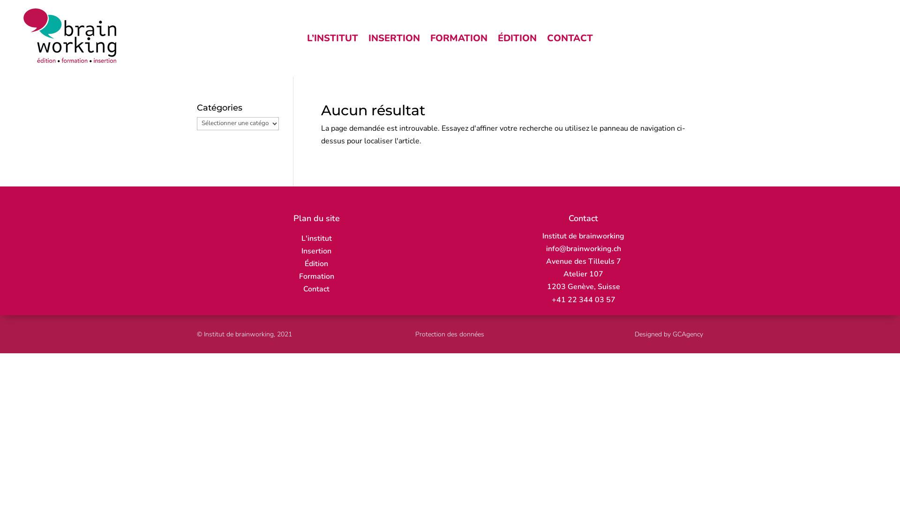 Image resolution: width=900 pixels, height=506 pixels. Describe the element at coordinates (316, 251) in the screenshot. I see `'Insertion'` at that location.